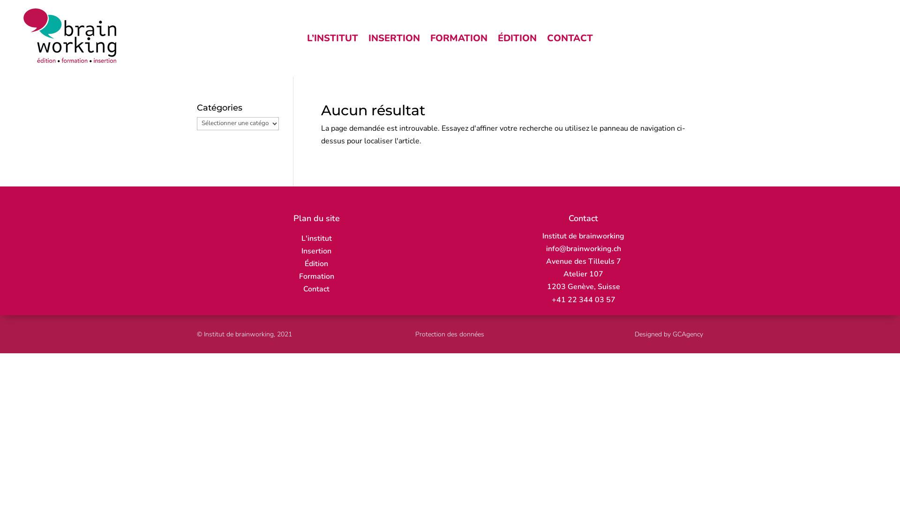 Image resolution: width=900 pixels, height=506 pixels. Describe the element at coordinates (316, 251) in the screenshot. I see `'Insertion'` at that location.